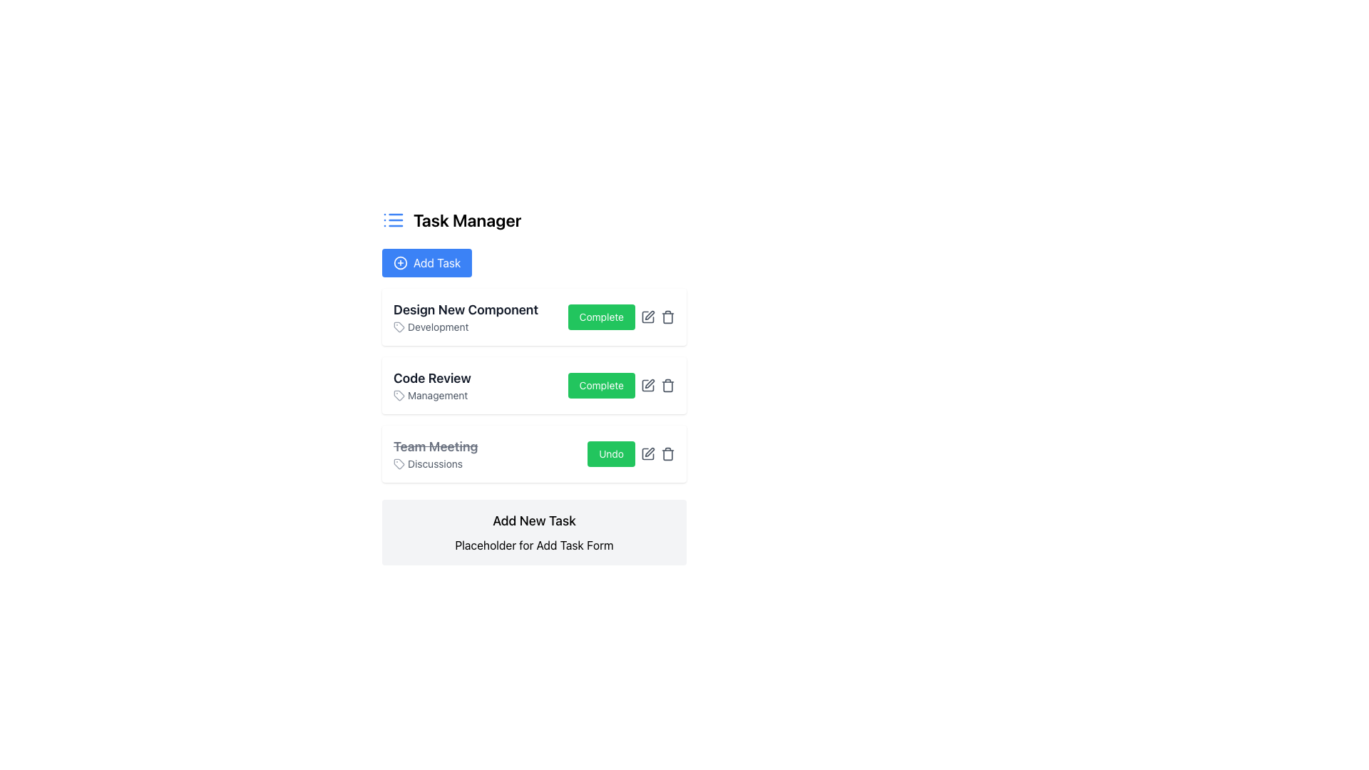 The image size is (1369, 770). Describe the element at coordinates (426, 263) in the screenshot. I see `the 'Add New Task' button located beneath the 'Task Manager' header to initiate the task addition process` at that location.